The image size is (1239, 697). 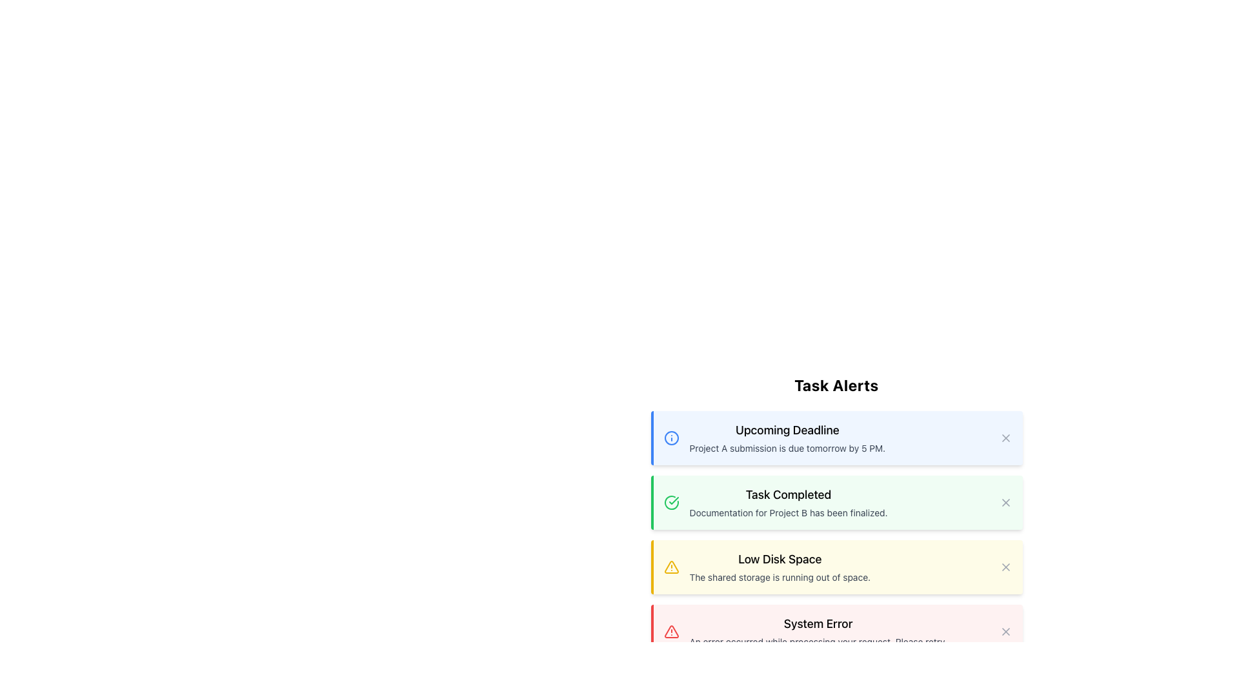 I want to click on the warning icon indicating low disk space, located at the top-left corner of the 'Low Disk Space' alert block, part of the third alert in the task alerts list, so click(x=671, y=567).